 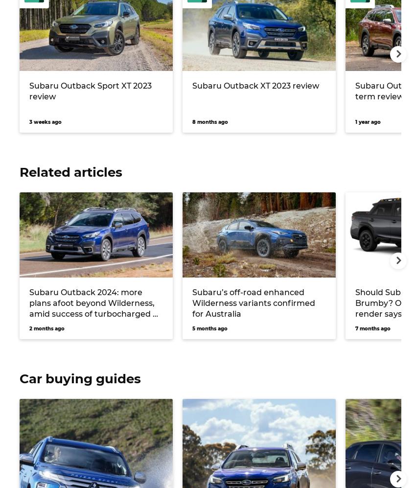 What do you see at coordinates (192, 302) in the screenshot?
I see `'Subaru’s off-road enhanced Wilderness variants confirmed for Australia'` at bounding box center [192, 302].